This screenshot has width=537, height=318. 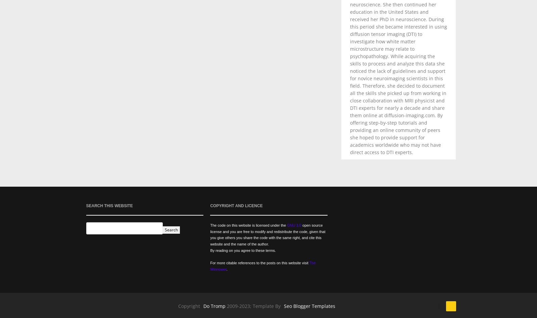 What do you see at coordinates (86, 206) in the screenshot?
I see `'Search This Website'` at bounding box center [86, 206].